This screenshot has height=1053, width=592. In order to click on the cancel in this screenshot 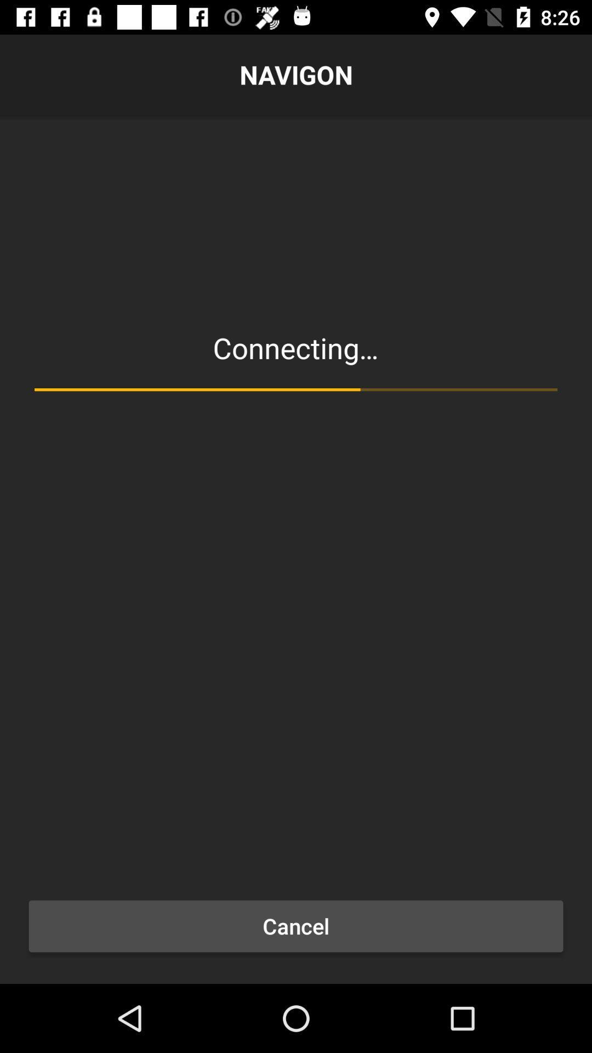, I will do `click(296, 926)`.